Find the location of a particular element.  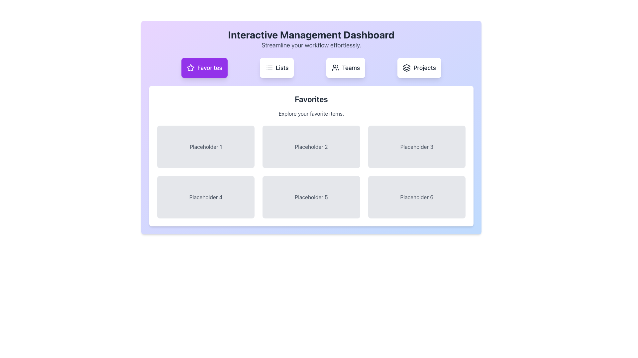

the first card in the grid layout located at the top-left corner is located at coordinates (205, 147).